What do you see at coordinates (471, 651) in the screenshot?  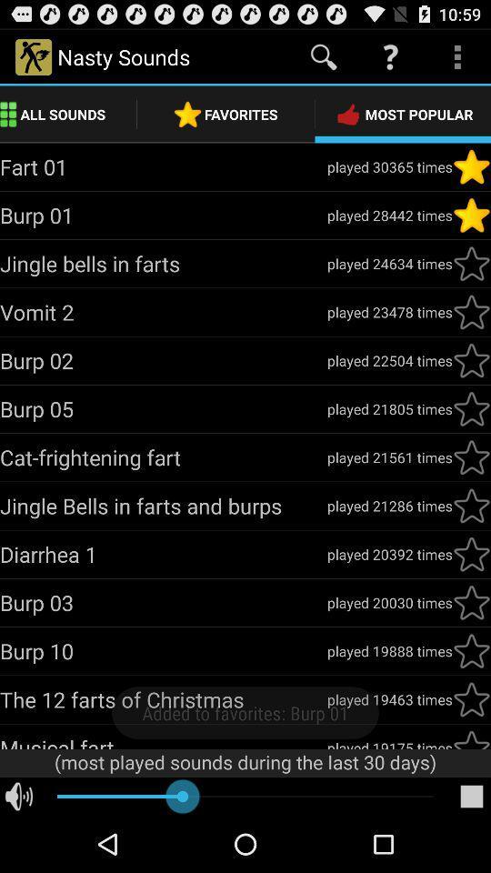 I see `mark as favorite` at bounding box center [471, 651].